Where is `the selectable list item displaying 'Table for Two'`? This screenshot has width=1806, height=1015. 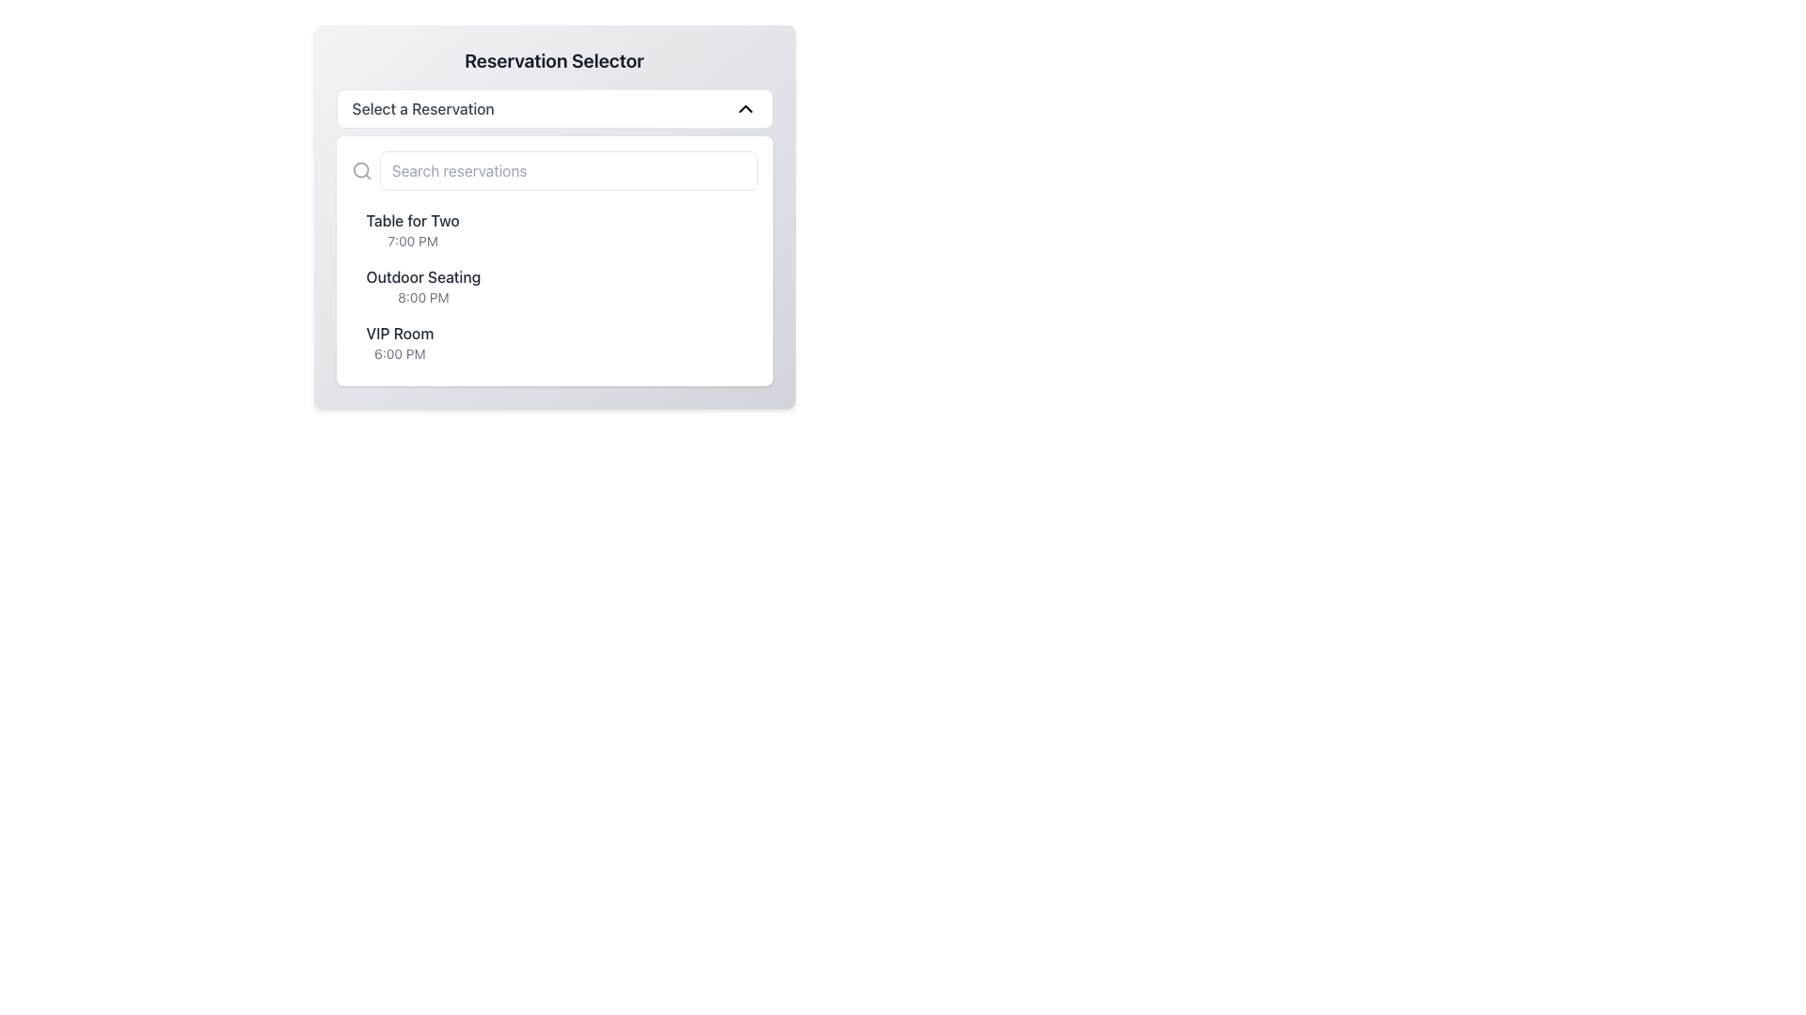 the selectable list item displaying 'Table for Two' is located at coordinates (553, 229).